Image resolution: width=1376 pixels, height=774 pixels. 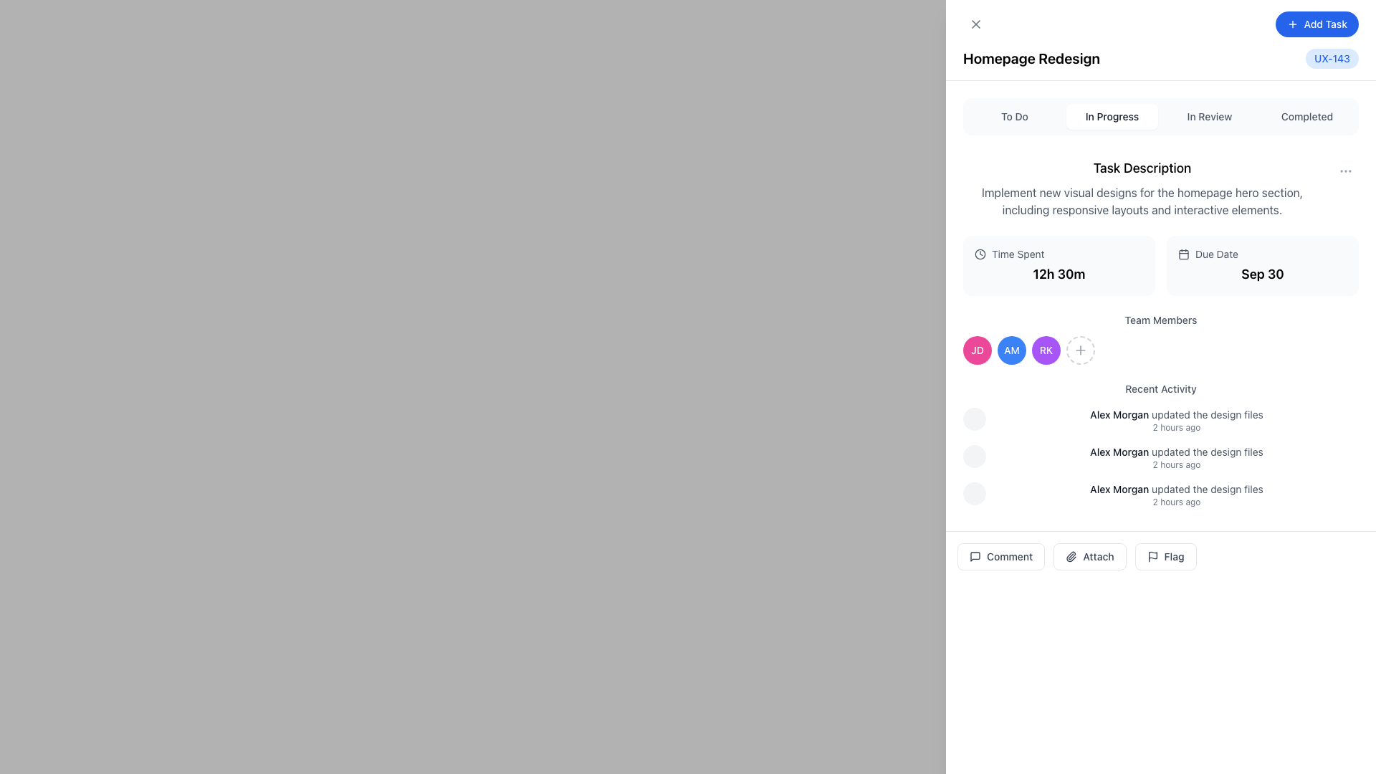 What do you see at coordinates (1119, 451) in the screenshot?
I see `the text element that identifies the user 'Alex Morgan' in the 'Recent Activity' section, which is the first part of the sentence in the second entry of the activity log` at bounding box center [1119, 451].